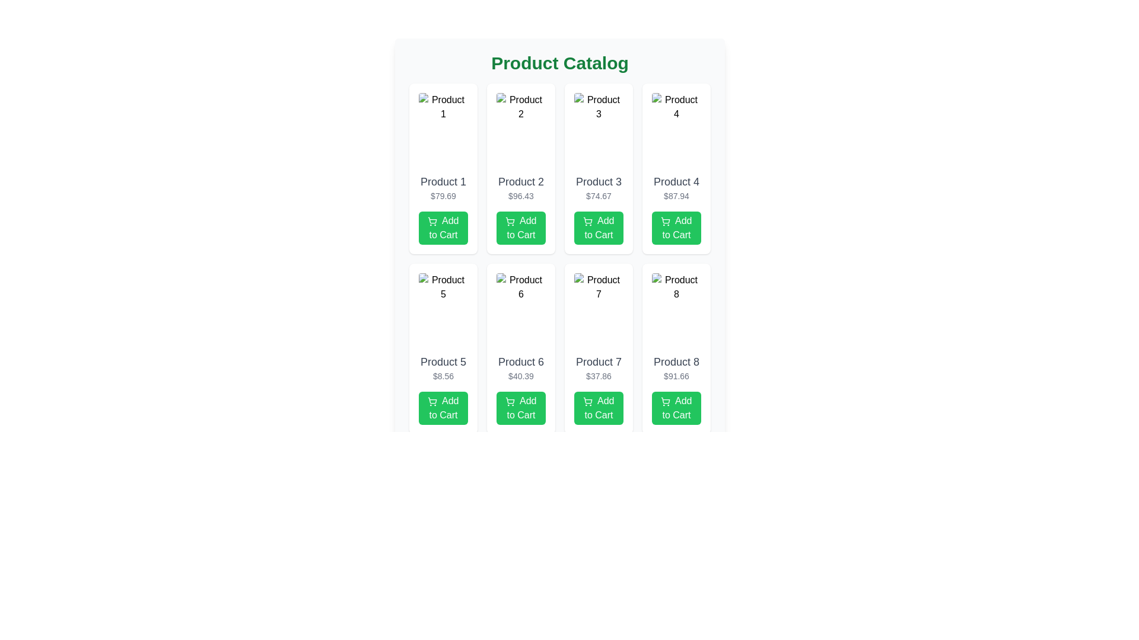 The width and height of the screenshot is (1139, 640). Describe the element at coordinates (676, 376) in the screenshot. I see `the static text displaying the price '$91.66' located below the title 'Product 8' and above the 'Add to Cart' button in the product card` at that location.